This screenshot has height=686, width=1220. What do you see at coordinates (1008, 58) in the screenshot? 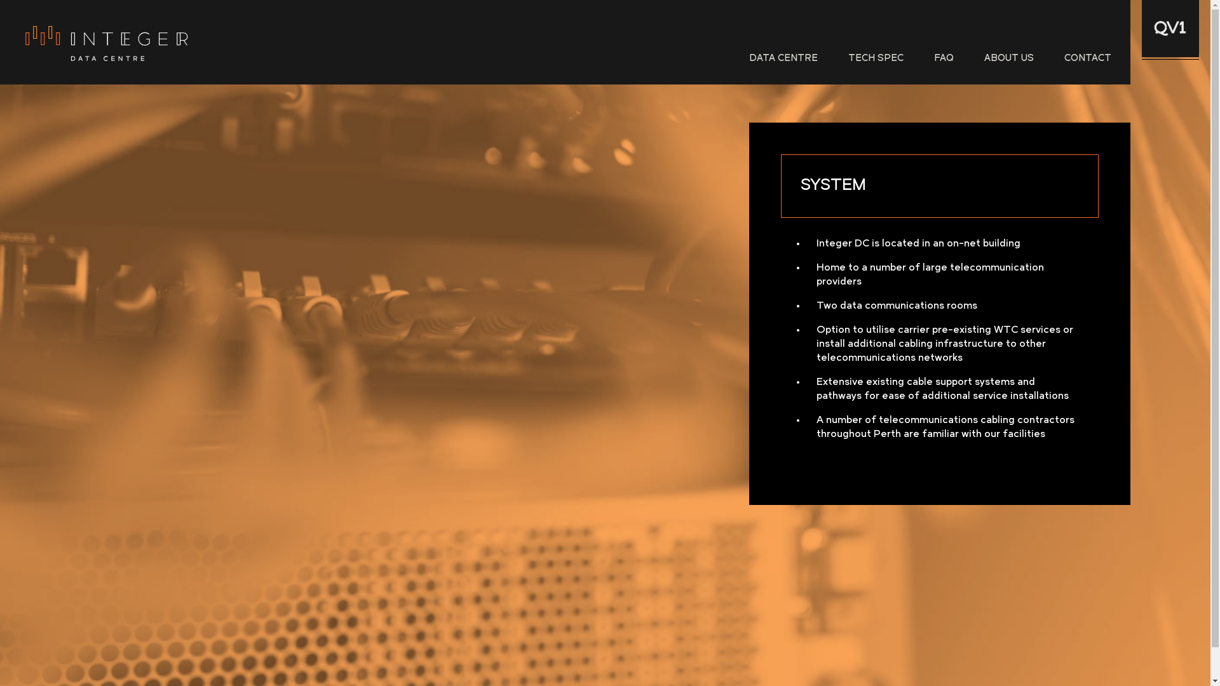
I see `'ABOUT US'` at bounding box center [1008, 58].